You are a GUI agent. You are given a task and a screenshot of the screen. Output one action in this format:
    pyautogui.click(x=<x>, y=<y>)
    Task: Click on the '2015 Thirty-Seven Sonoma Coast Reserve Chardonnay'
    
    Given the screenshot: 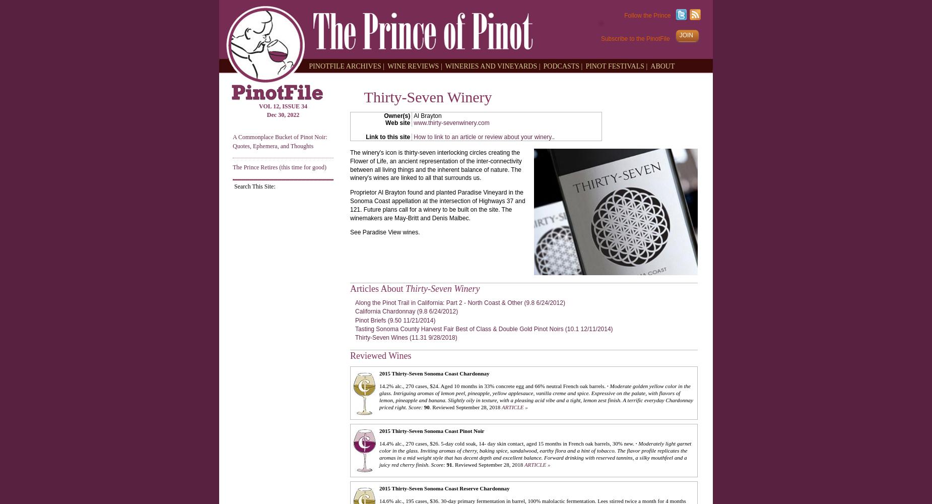 What is the action you would take?
    pyautogui.click(x=444, y=487)
    